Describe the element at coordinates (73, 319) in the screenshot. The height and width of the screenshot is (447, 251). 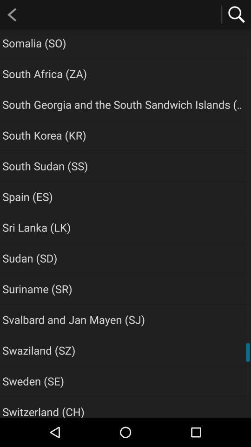
I see `the item below suriname (sr) app` at that location.